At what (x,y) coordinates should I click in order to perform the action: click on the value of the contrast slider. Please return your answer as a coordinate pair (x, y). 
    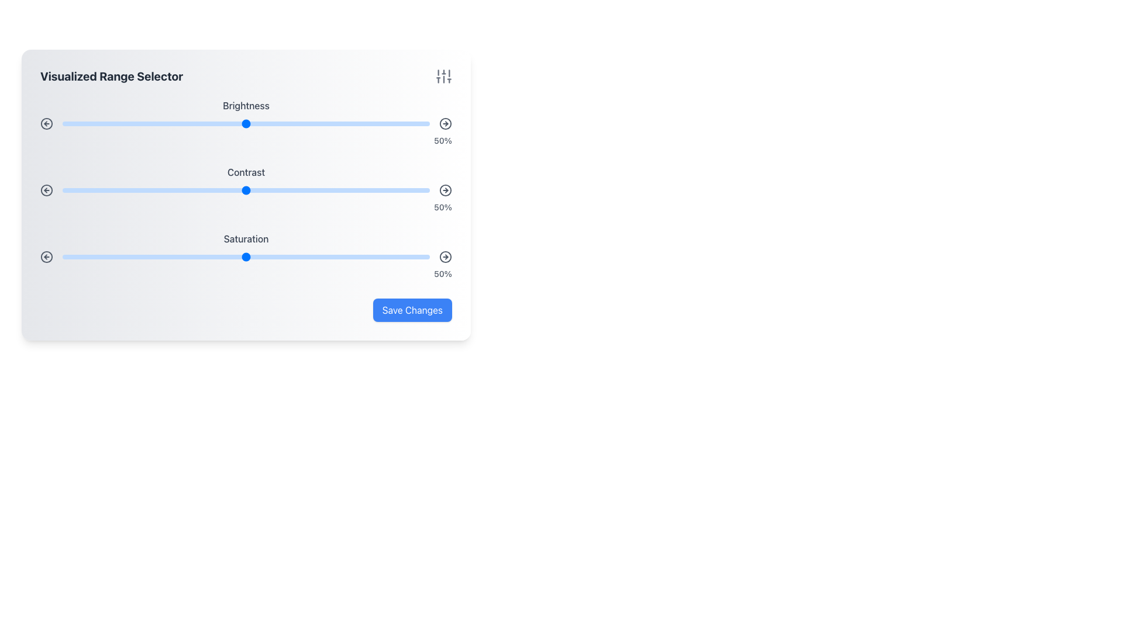
    Looking at the image, I should click on (103, 190).